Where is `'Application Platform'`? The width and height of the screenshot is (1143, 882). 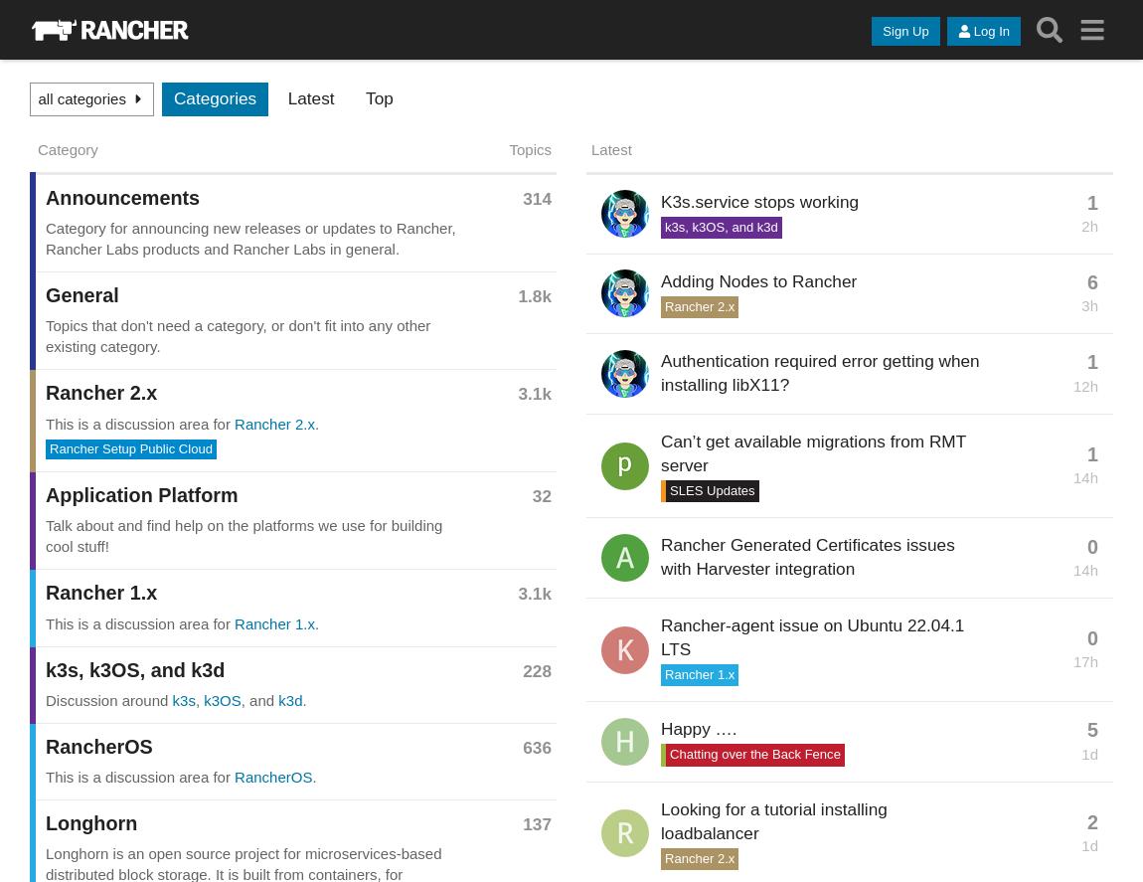
'Application Platform' is located at coordinates (140, 494).